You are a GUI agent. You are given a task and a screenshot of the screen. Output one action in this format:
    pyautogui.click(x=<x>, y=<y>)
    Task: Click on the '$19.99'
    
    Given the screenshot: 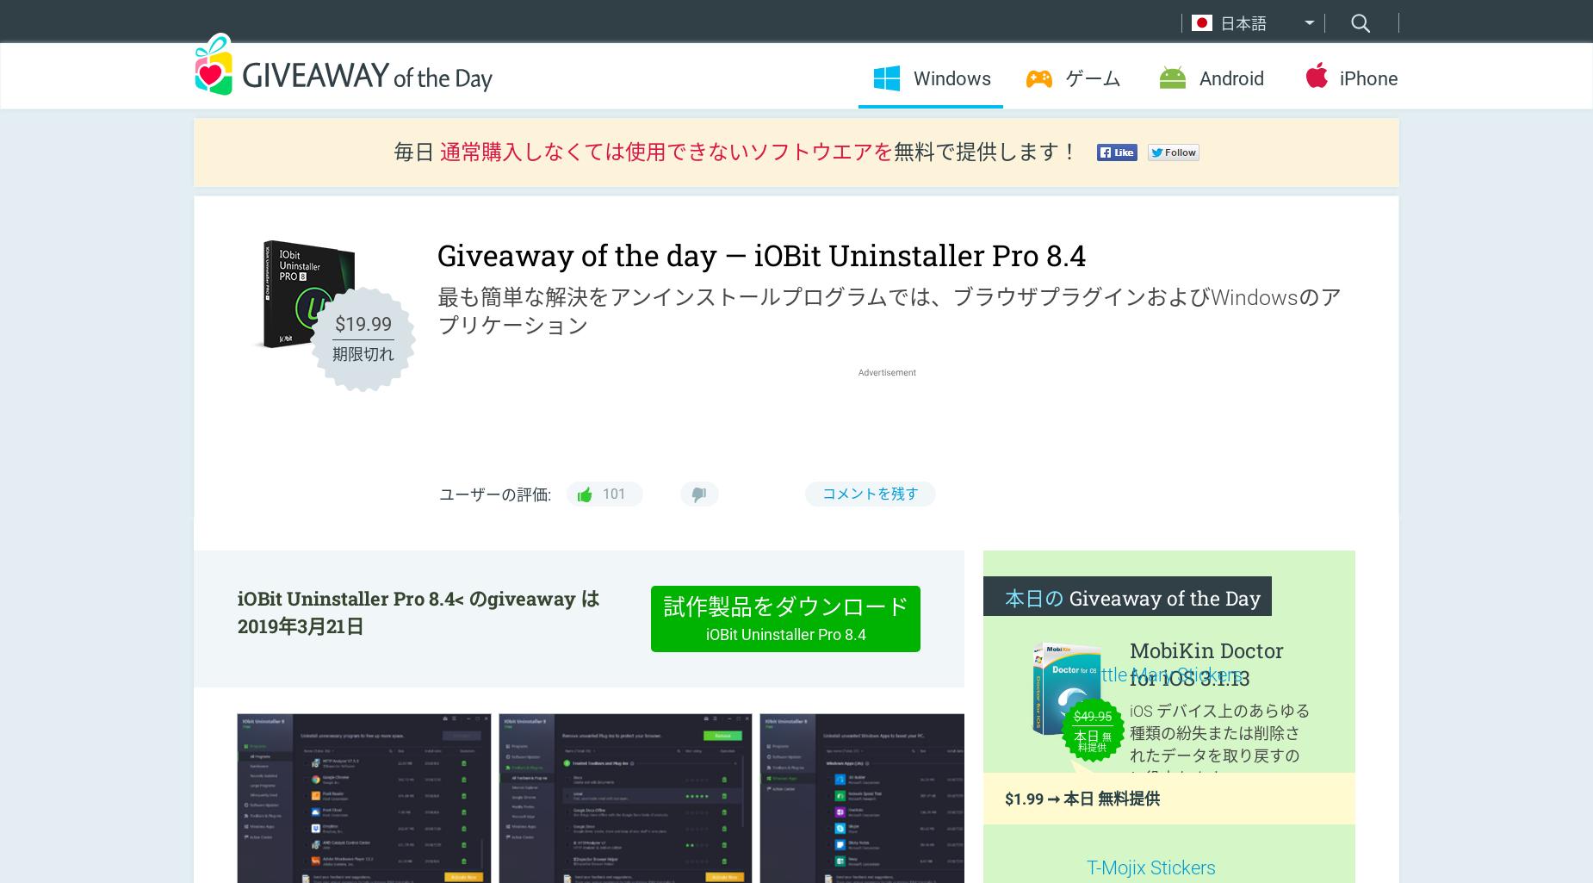 What is the action you would take?
    pyautogui.click(x=362, y=323)
    